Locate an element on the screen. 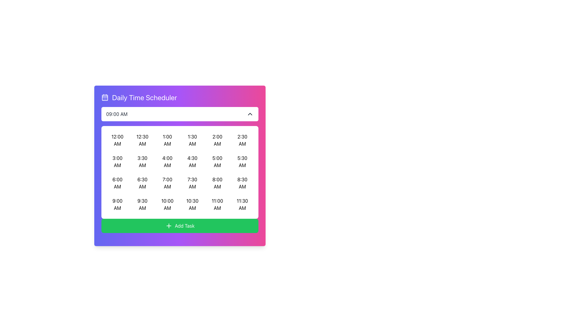 Image resolution: width=571 pixels, height=321 pixels. the '7:30 AM' button in the third row and eighth column of the Daily Time Scheduler is located at coordinates (192, 183).